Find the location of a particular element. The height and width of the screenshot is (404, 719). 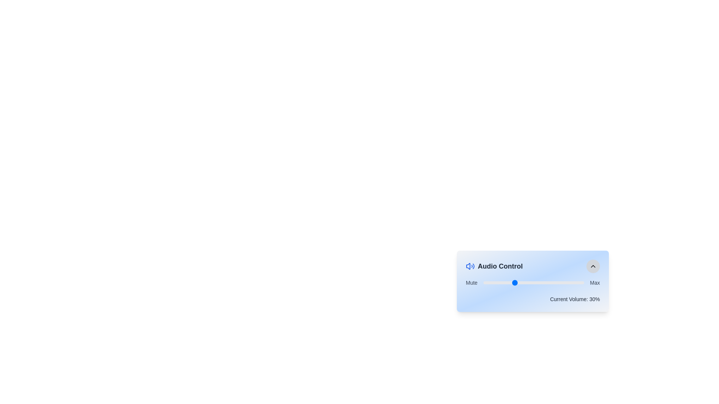

the blue speaker icon with sound wave lines, which is located to the left of the 'Audio Control' header is located at coordinates (470, 266).